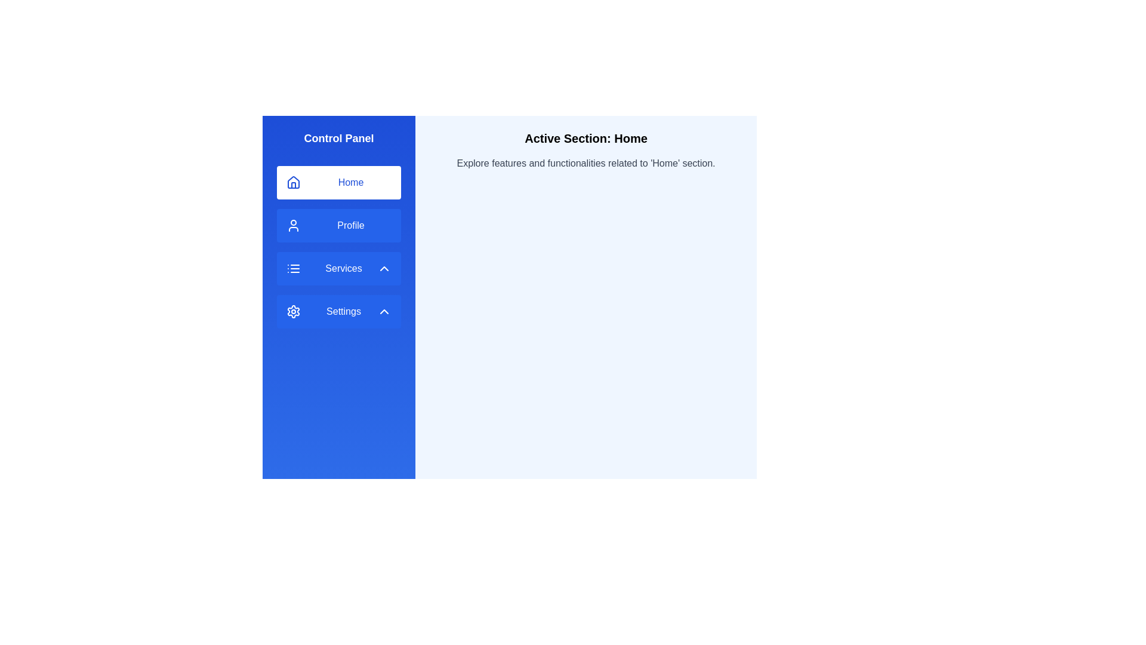  I want to click on the upward-pointing chevron icon with a hollow outline within the blue background, located in the 'Settings' button of the vertical navigation panel, so click(384, 311).